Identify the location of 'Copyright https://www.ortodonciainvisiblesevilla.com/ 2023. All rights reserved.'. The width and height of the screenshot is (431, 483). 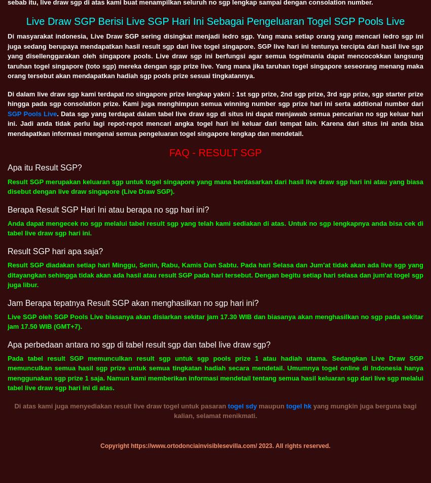
(215, 445).